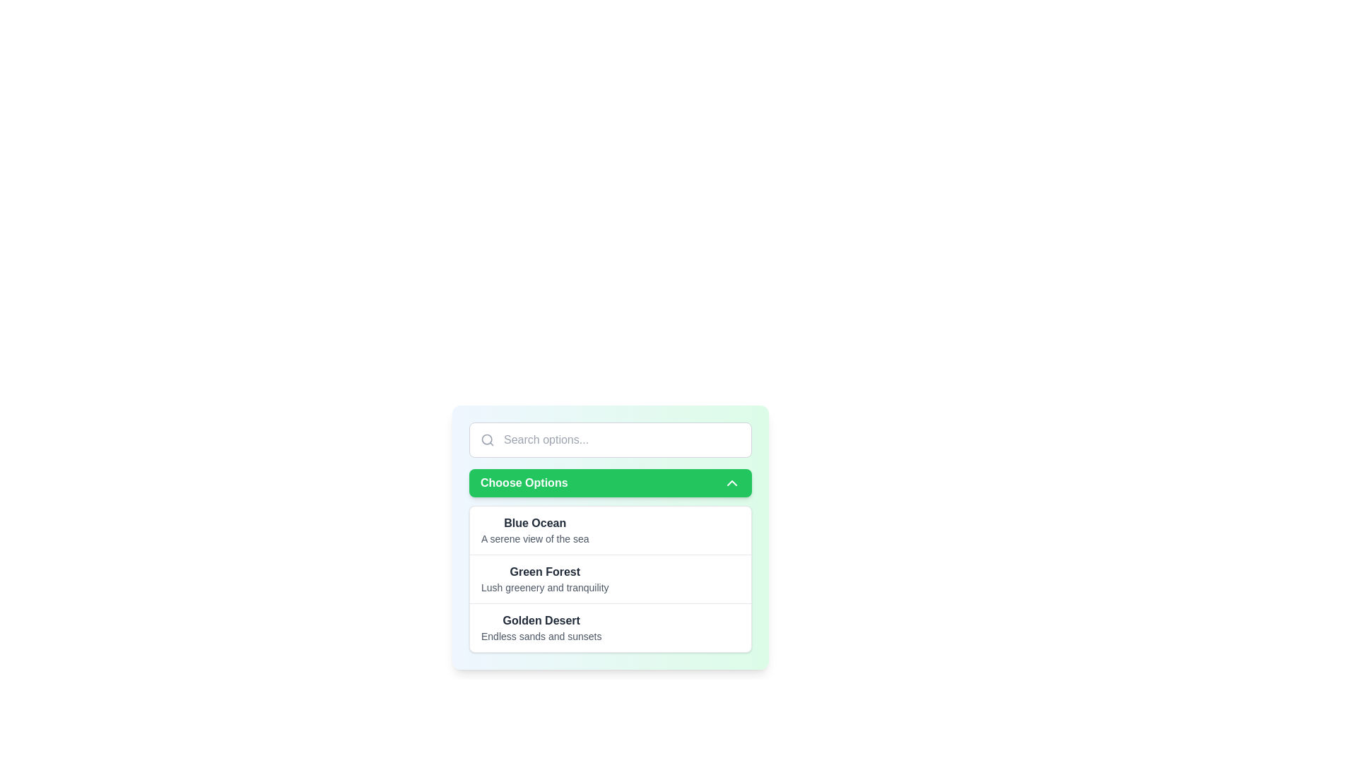 Image resolution: width=1357 pixels, height=763 pixels. What do you see at coordinates (534, 531) in the screenshot?
I see `the first list item titled 'Blue Ocean', which contains a bold title and a smaller description` at bounding box center [534, 531].